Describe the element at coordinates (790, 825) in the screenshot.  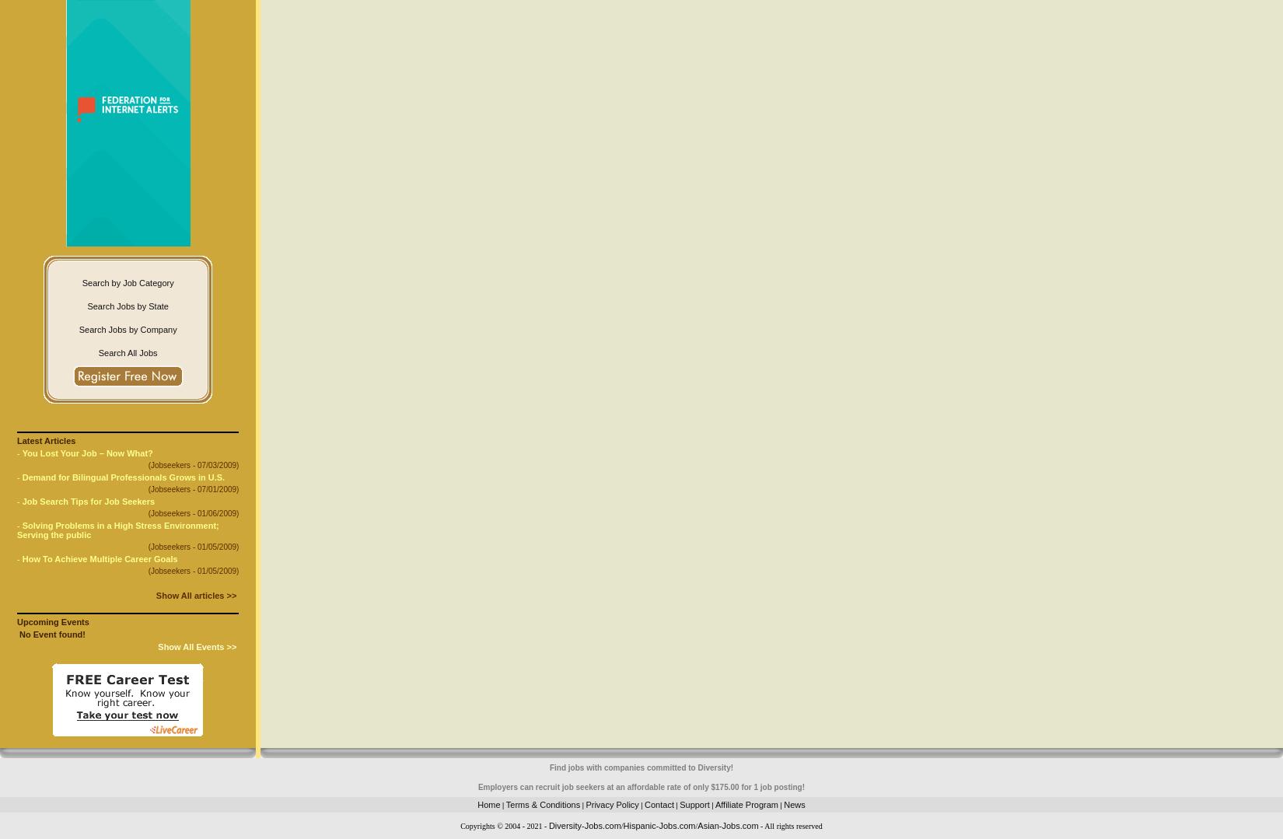
I see `'- 
      All rights reserved'` at that location.